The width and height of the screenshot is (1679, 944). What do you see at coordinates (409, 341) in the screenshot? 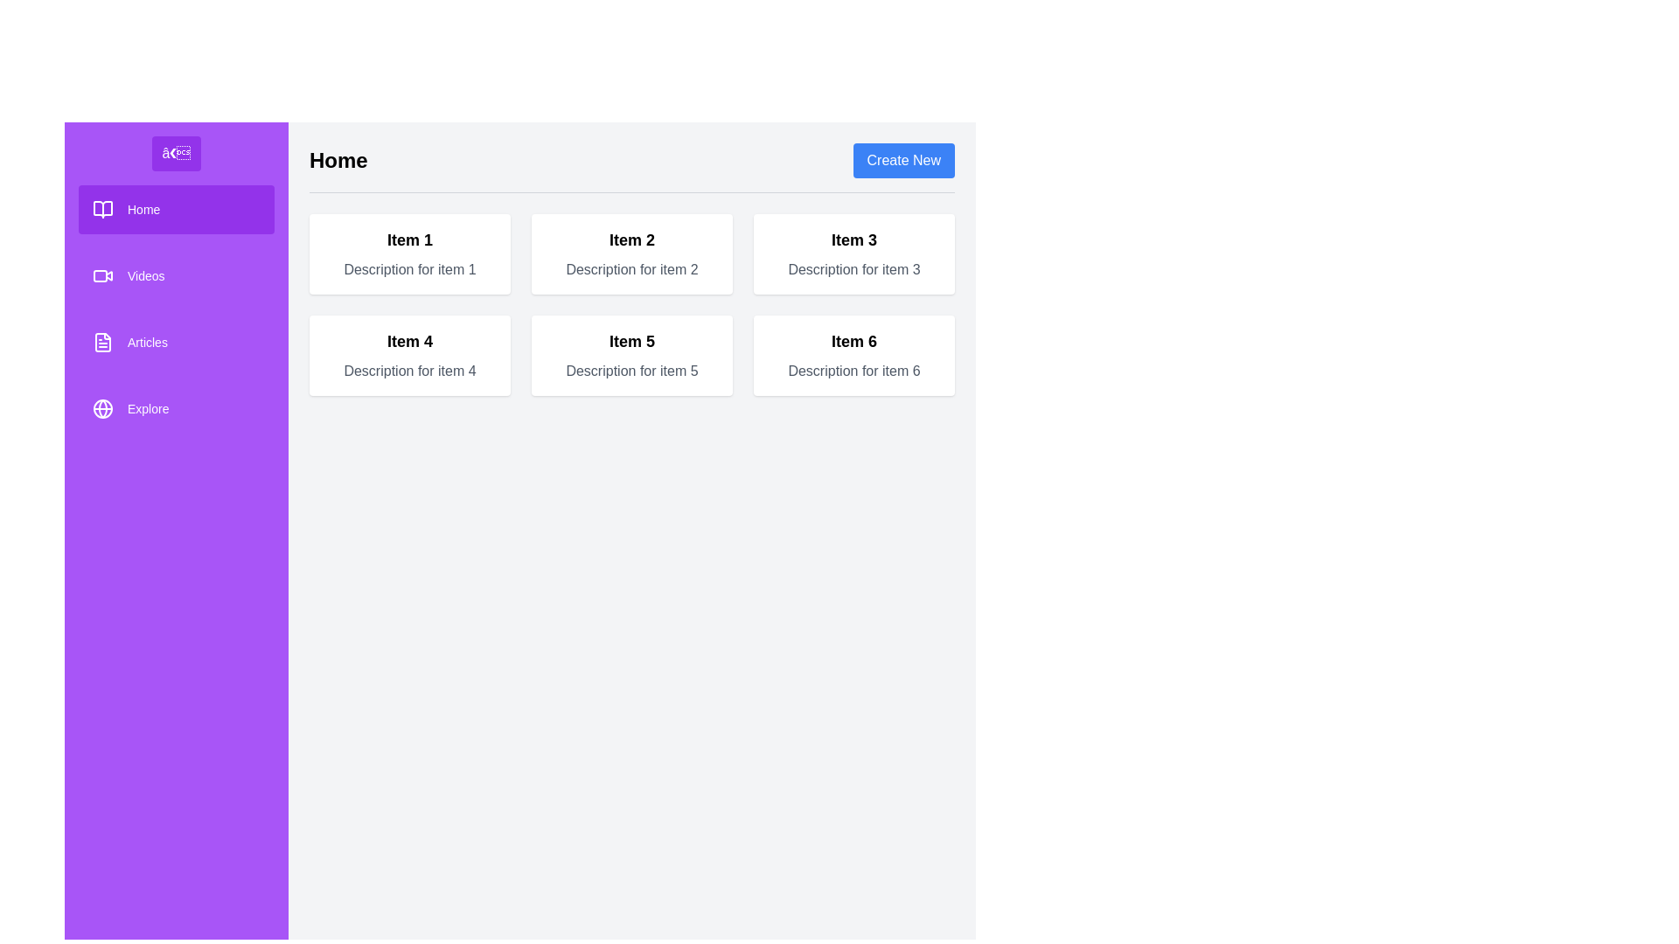
I see `the text element that serves as a title or label for the item, which is positioned above the description text 'Description for item 4' in the grid layout` at bounding box center [409, 341].